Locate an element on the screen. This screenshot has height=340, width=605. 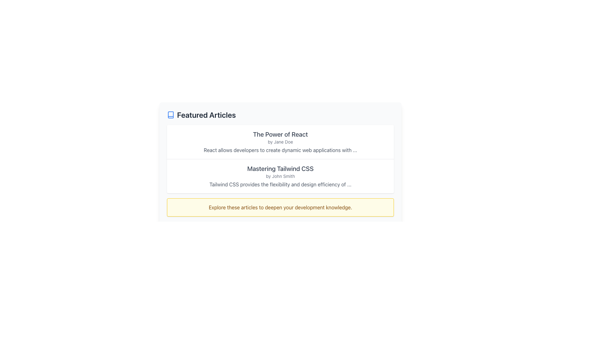
the book icon, which is a light blue outlined icon resembling an opened book, located to the left of the 'Featured Articles' text at the top of the interface is located at coordinates (171, 115).